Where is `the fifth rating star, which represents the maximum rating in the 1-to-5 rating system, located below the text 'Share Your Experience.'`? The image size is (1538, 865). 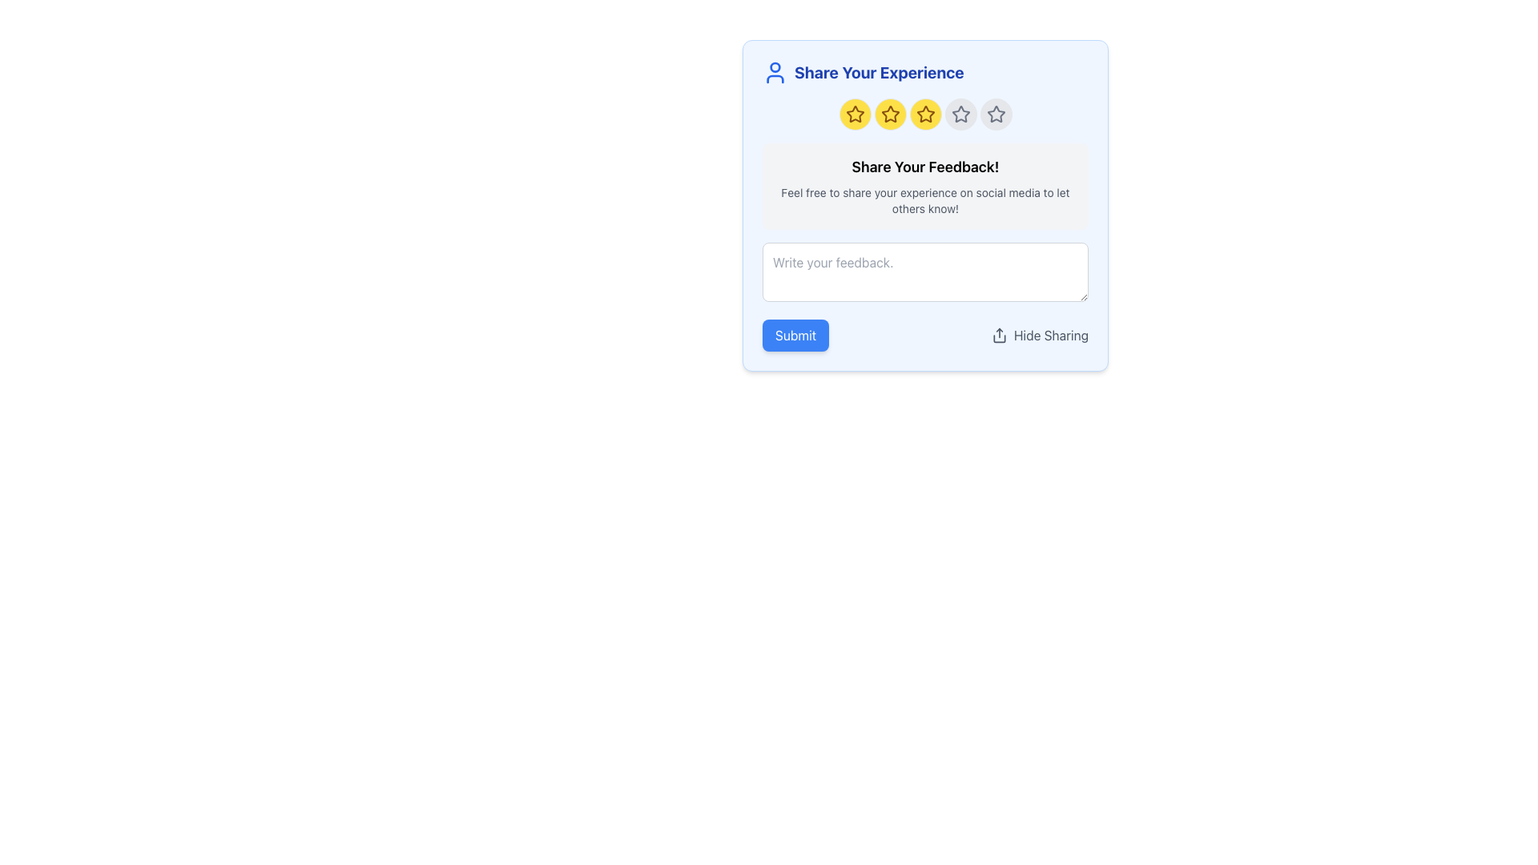 the fifth rating star, which represents the maximum rating in the 1-to-5 rating system, located below the text 'Share Your Experience.' is located at coordinates (995, 113).